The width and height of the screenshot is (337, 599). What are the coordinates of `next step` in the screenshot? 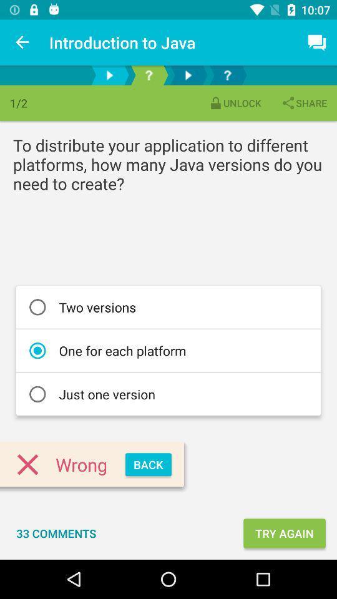 It's located at (187, 75).